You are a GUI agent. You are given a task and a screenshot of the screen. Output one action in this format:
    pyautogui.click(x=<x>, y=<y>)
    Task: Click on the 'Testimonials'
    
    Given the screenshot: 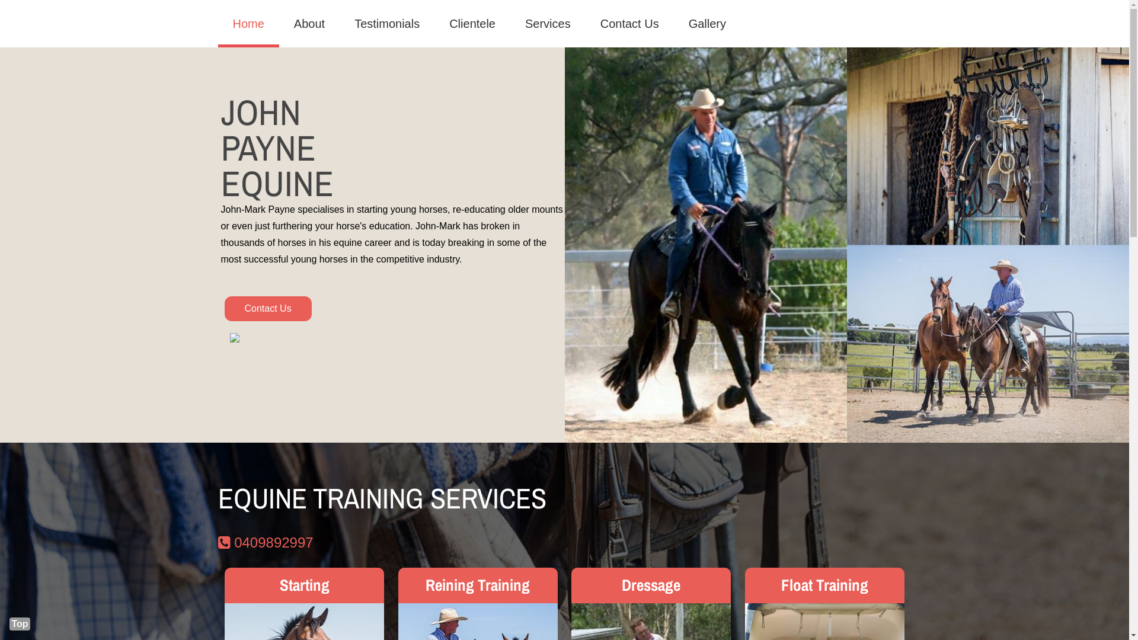 What is the action you would take?
    pyautogui.click(x=386, y=23)
    